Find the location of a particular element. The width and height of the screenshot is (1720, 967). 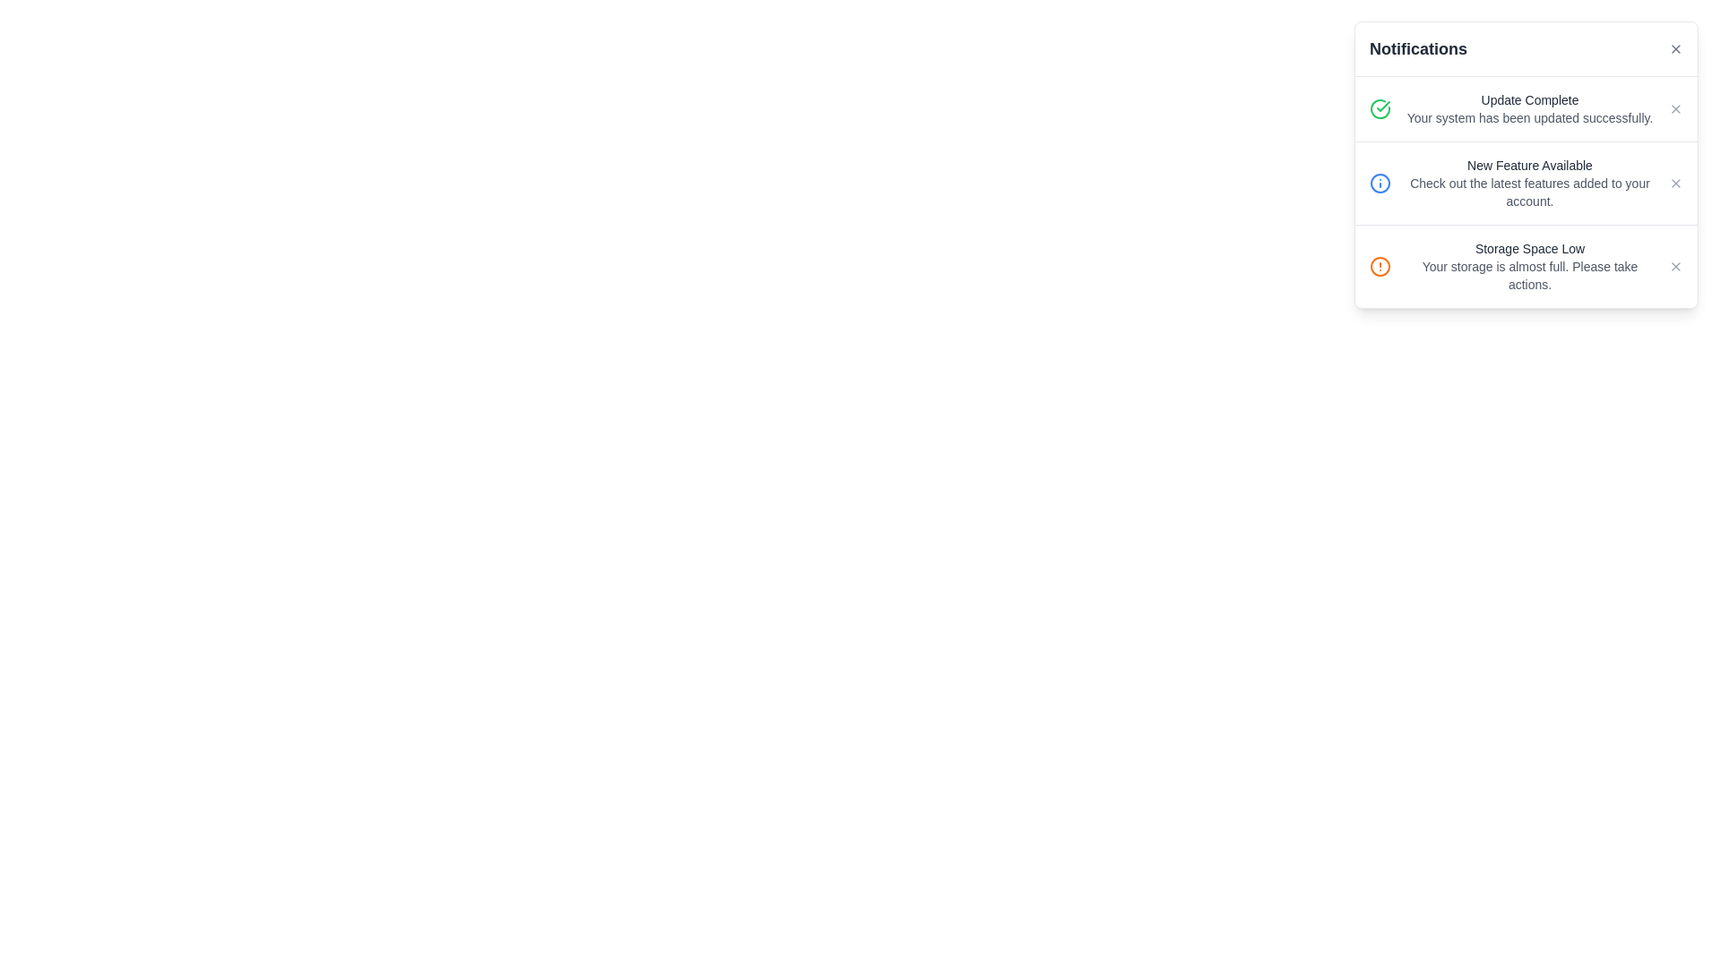

the Notification item that informs the user about a newly available feature in their account for more information is located at coordinates (1526, 193).